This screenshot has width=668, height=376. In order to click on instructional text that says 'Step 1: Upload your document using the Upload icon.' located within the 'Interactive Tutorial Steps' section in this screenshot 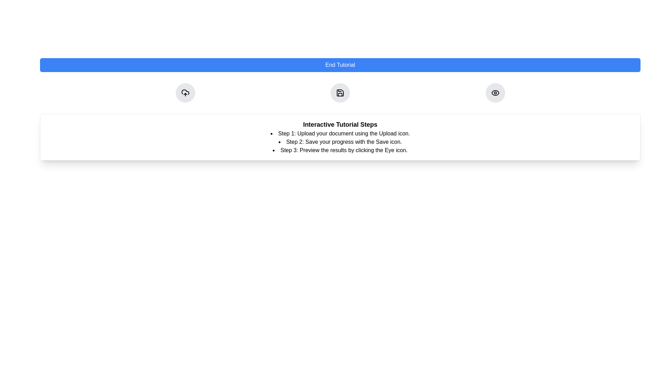, I will do `click(340, 134)`.